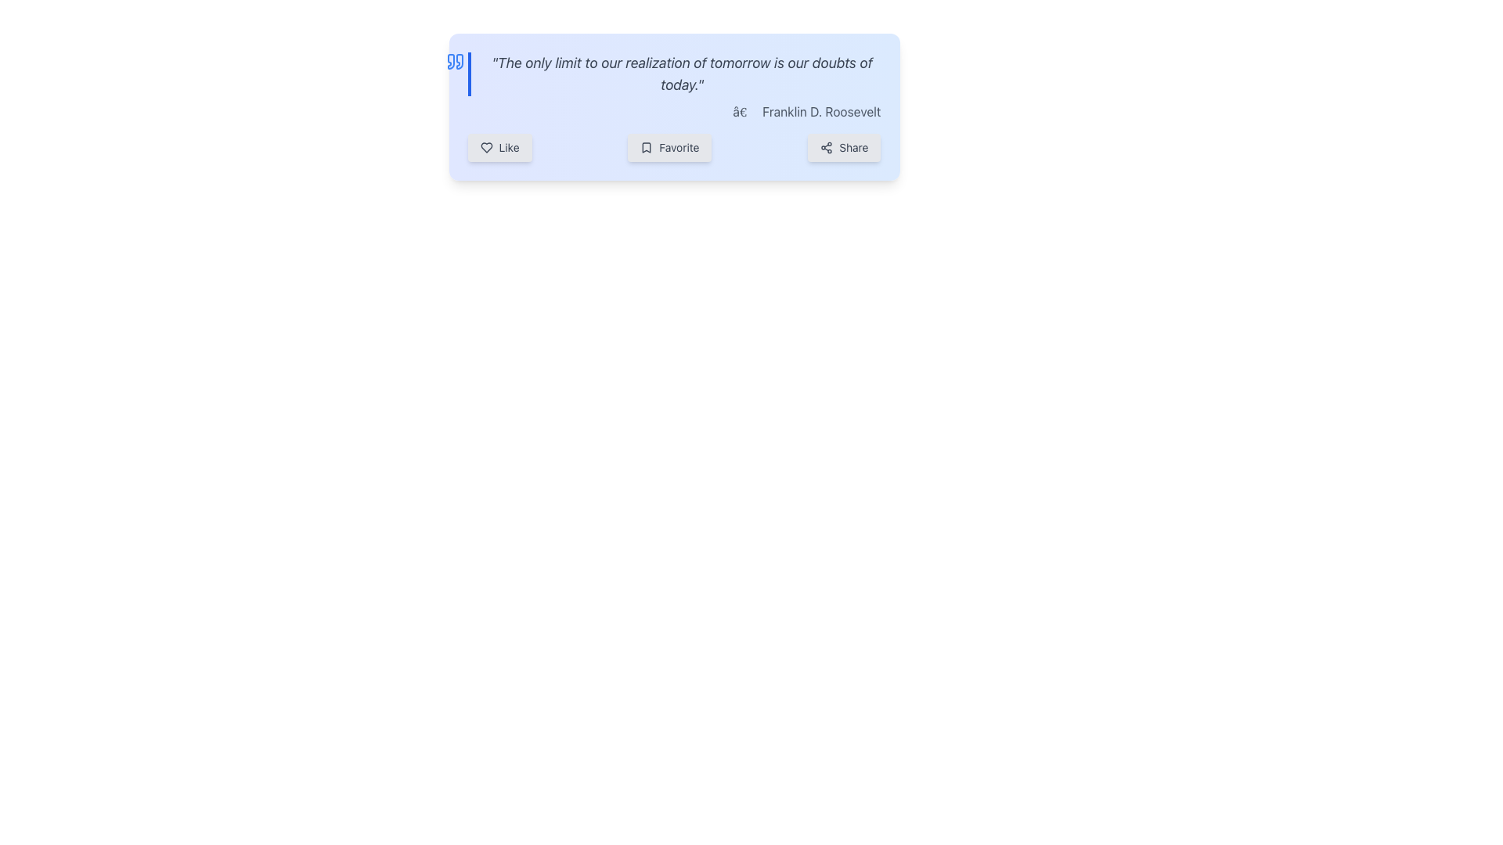 Image resolution: width=1503 pixels, height=845 pixels. I want to click on the decorative icon representing a quote, which is located to the left of the text block containing the quote and aligns vertically near the top of the text area, so click(454, 60).